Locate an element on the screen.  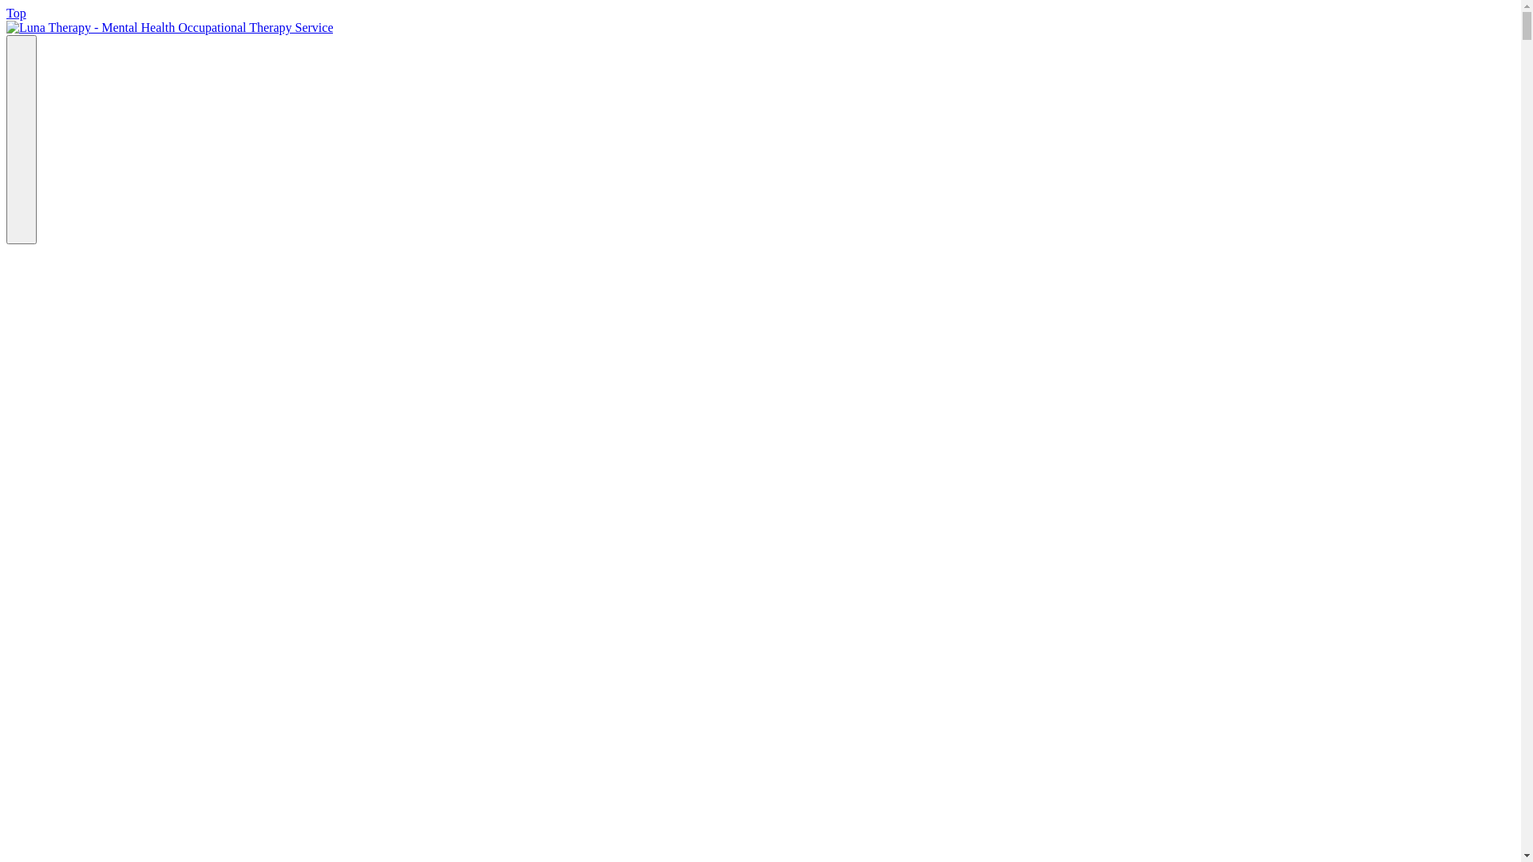
'Top' is located at coordinates (16, 13).